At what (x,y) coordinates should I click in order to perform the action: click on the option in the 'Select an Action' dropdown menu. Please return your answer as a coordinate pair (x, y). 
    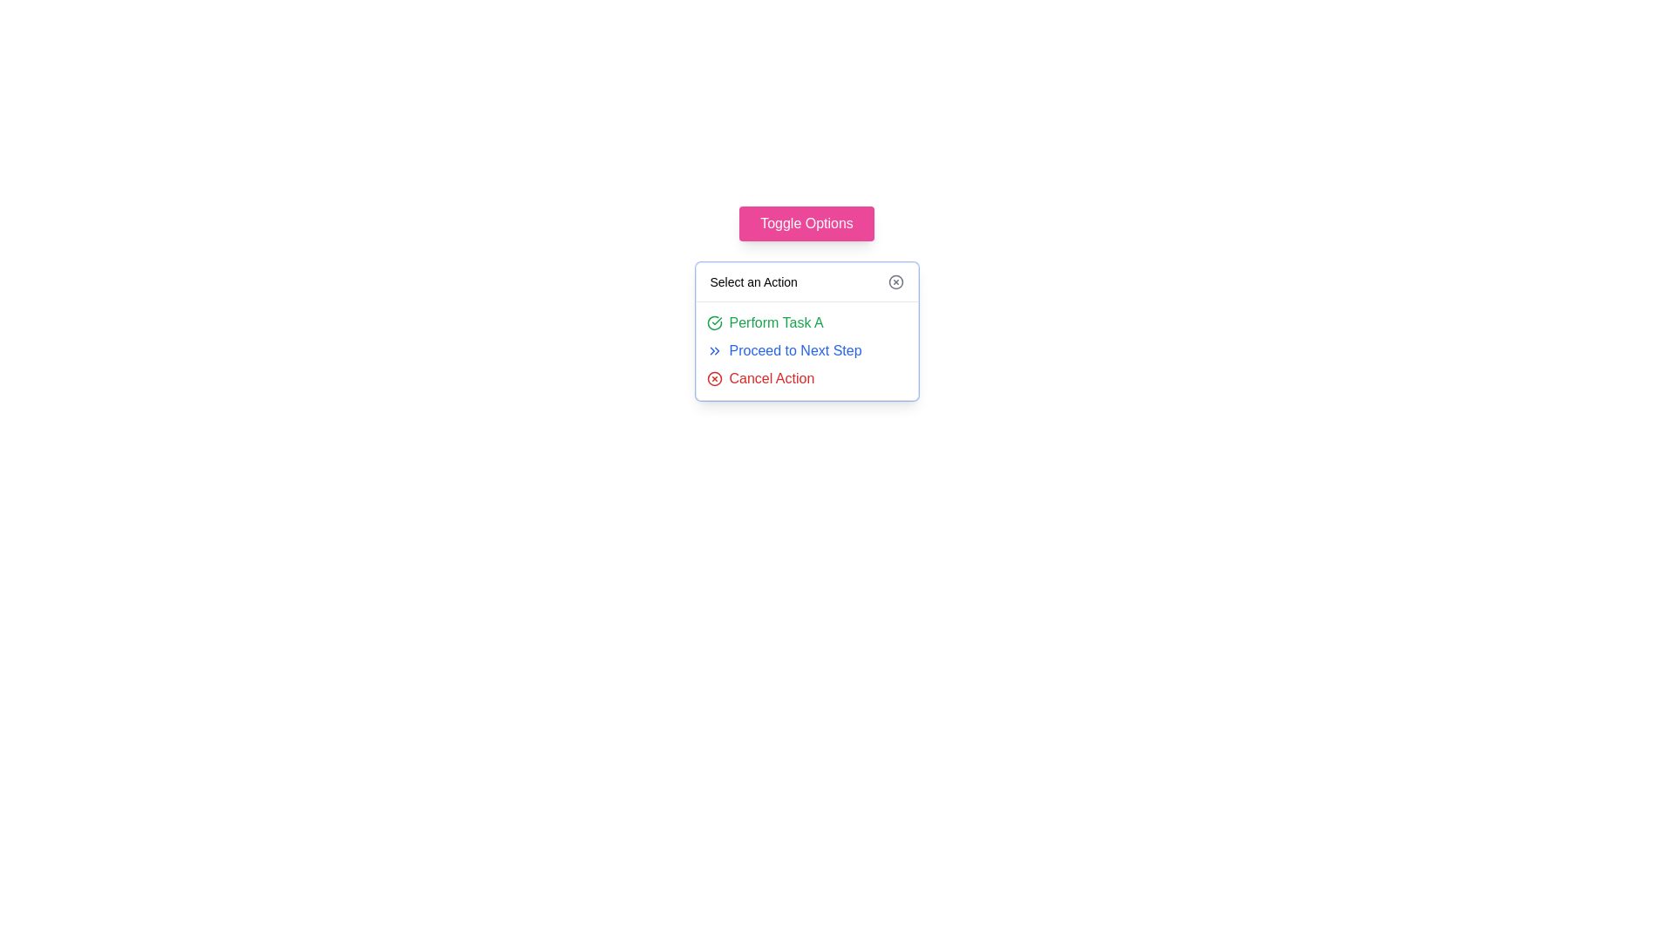
    Looking at the image, I should click on (806, 331).